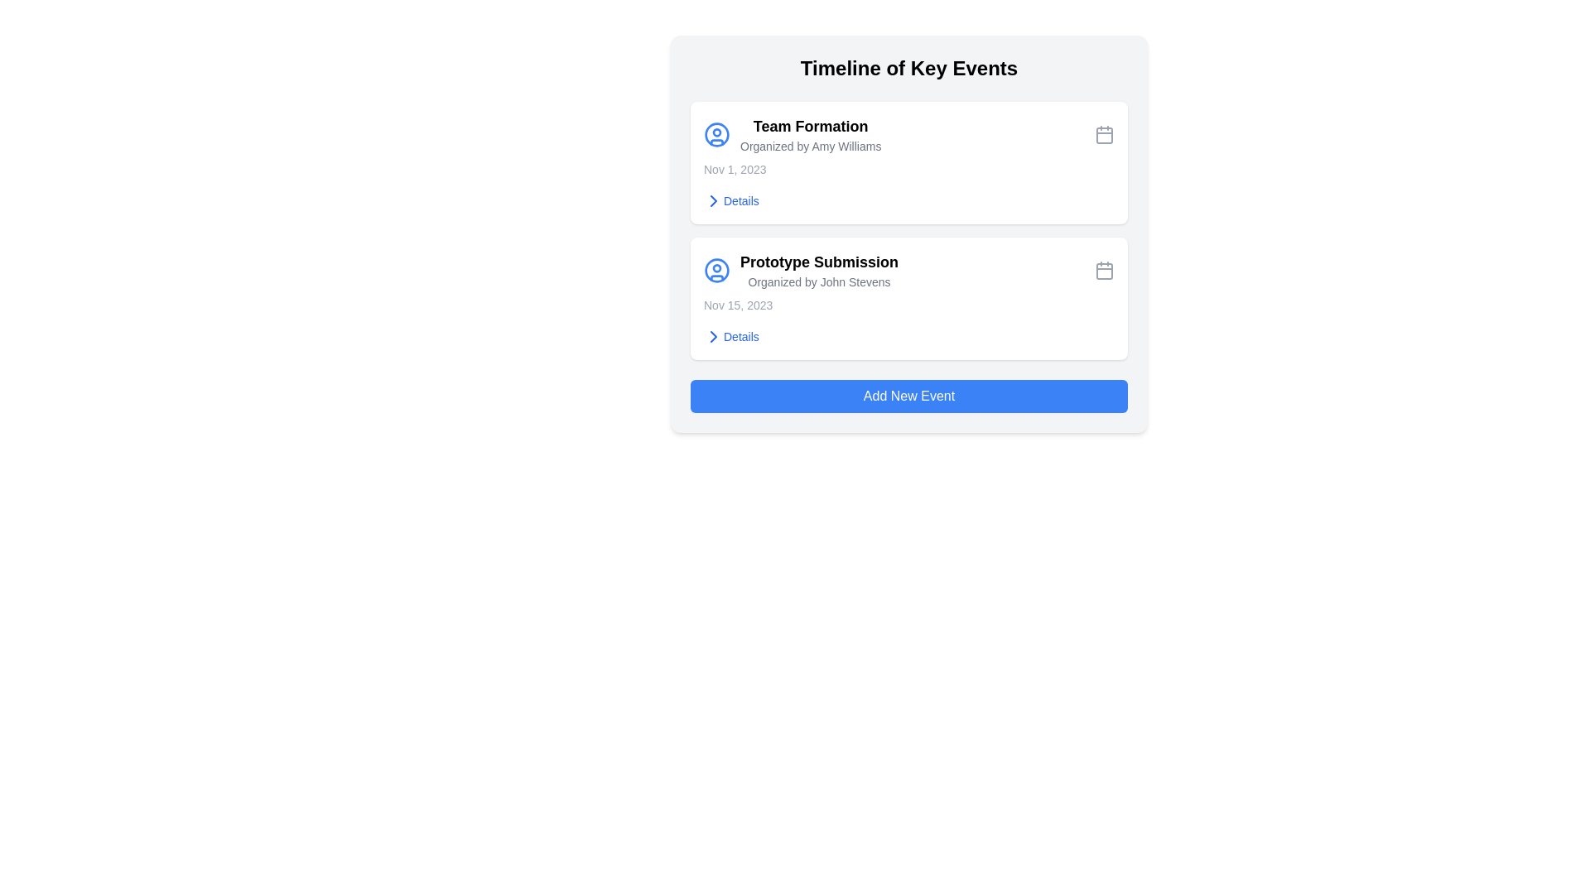 This screenshot has width=1590, height=894. What do you see at coordinates (1105, 135) in the screenshot?
I see `the main rectangular background of the calendar icon located beside the 'Team Formation' event title in the 'Timeline of Key Events' section` at bounding box center [1105, 135].